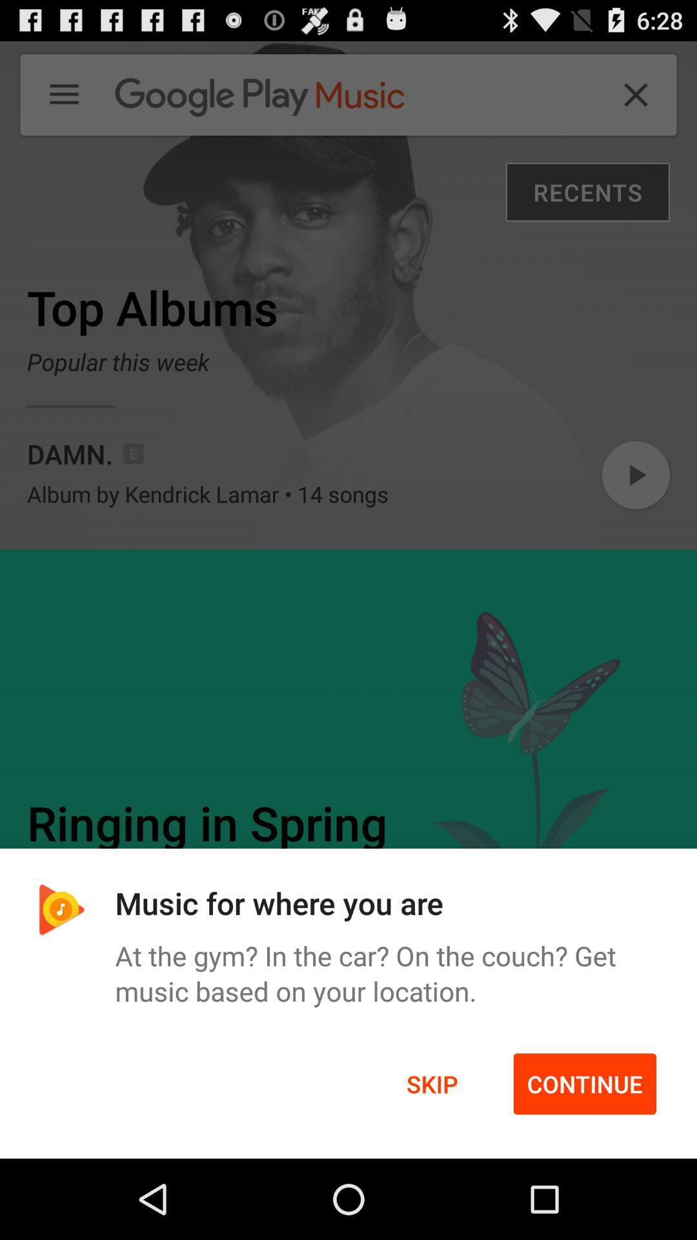 This screenshot has height=1240, width=697. What do you see at coordinates (348, 599) in the screenshot?
I see `icon at the center` at bounding box center [348, 599].